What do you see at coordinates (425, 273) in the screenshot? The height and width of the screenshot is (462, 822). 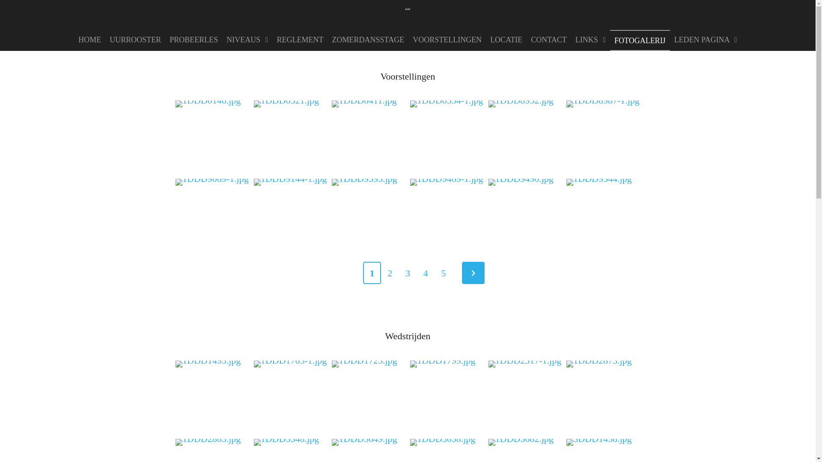 I see `'4'` at bounding box center [425, 273].